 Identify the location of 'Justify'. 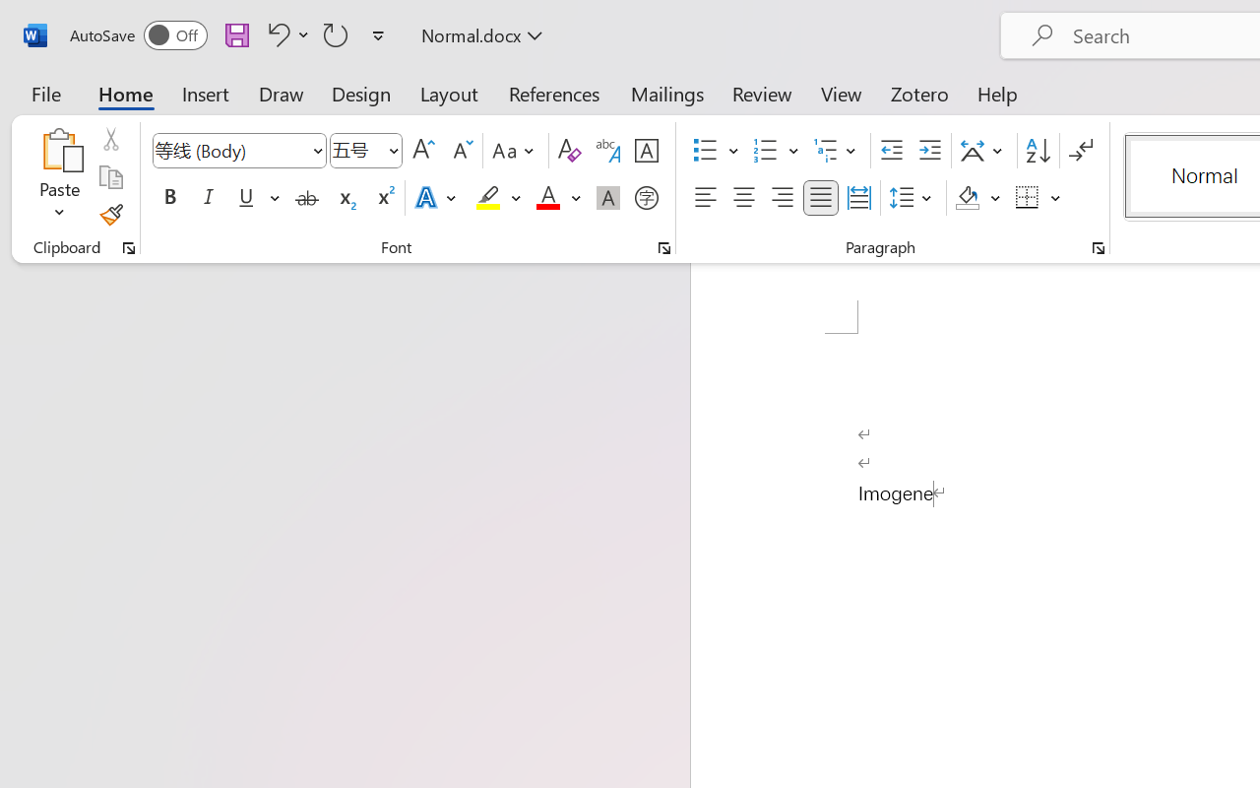
(821, 198).